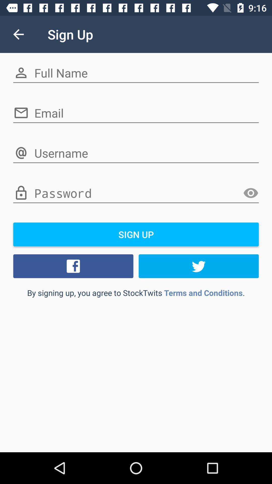 The image size is (272, 484). What do you see at coordinates (251, 193) in the screenshot?
I see `the visibility icon` at bounding box center [251, 193].